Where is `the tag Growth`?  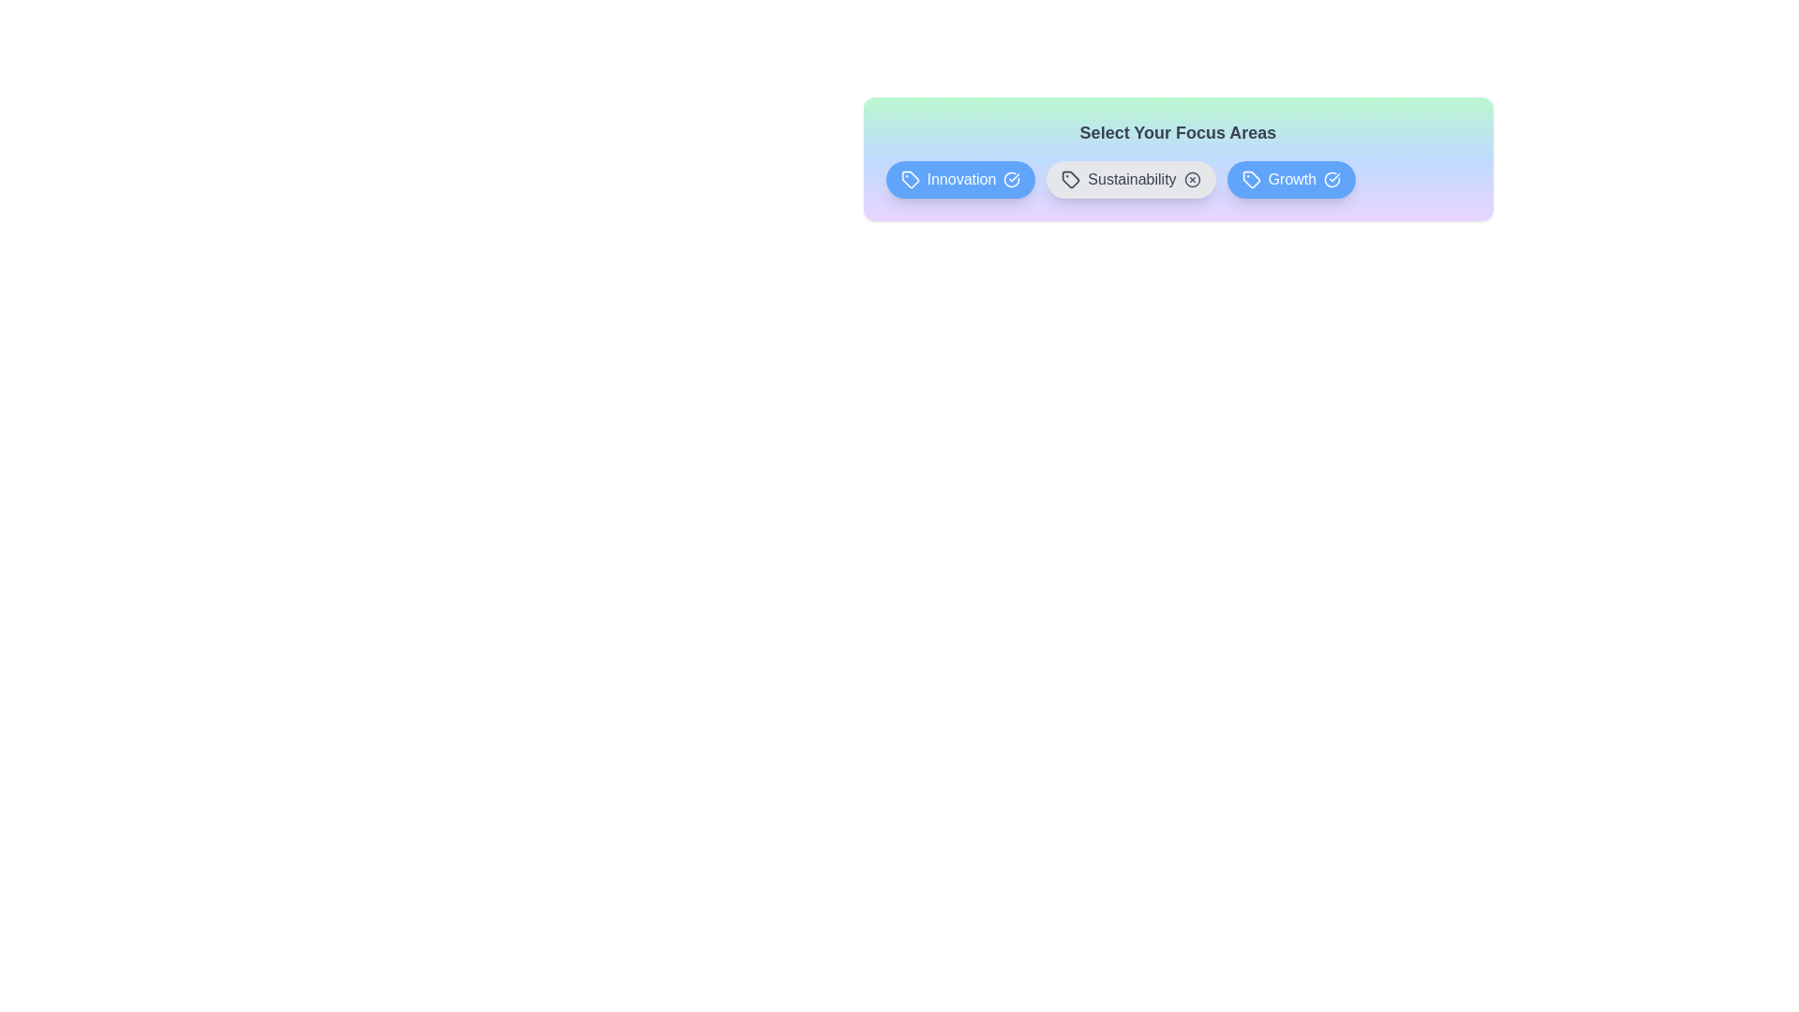 the tag Growth is located at coordinates (1290, 180).